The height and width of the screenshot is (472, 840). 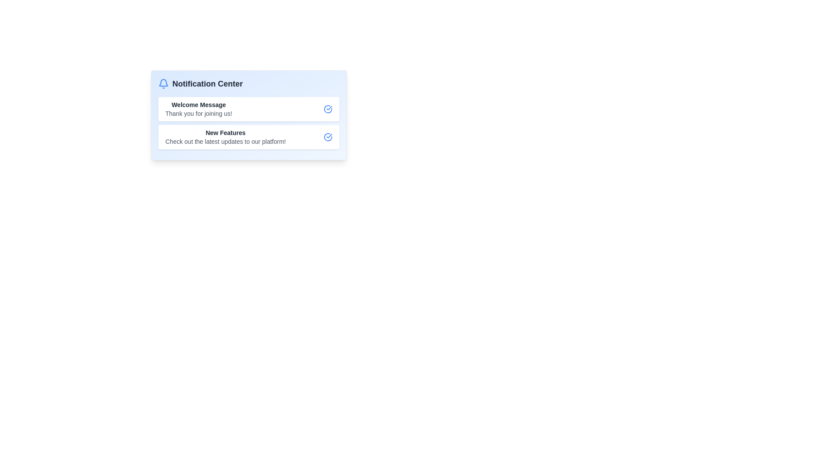 I want to click on the text display element that shows the sentence 'Check out the latest updates to our platform!' in a gray-colored font, located directly beneath the bold title 'New Features', so click(x=225, y=141).